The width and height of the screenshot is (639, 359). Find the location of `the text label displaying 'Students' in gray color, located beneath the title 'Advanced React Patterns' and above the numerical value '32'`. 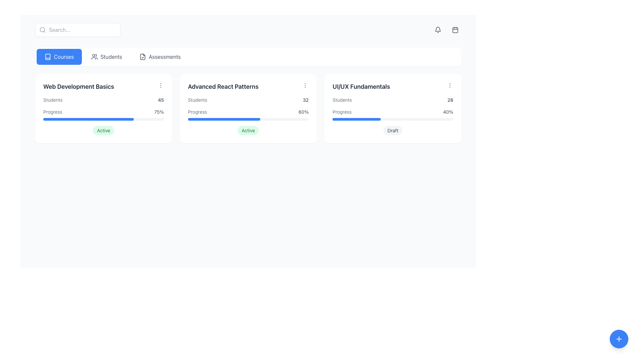

the text label displaying 'Students' in gray color, located beneath the title 'Advanced React Patterns' and above the numerical value '32' is located at coordinates (197, 100).